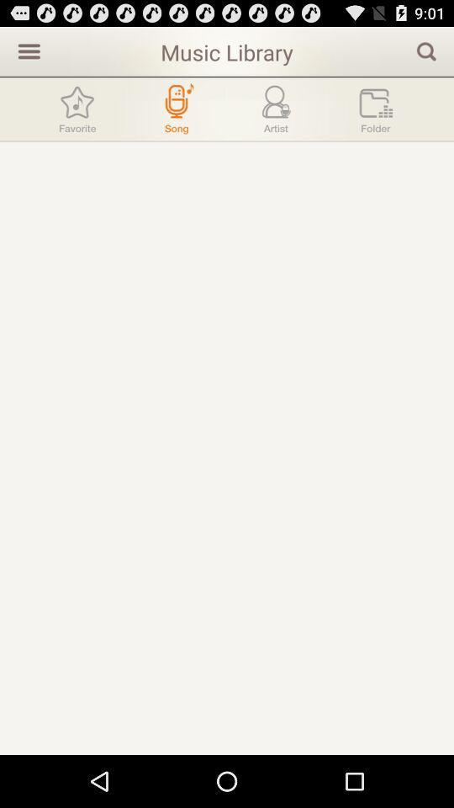  What do you see at coordinates (376, 108) in the screenshot?
I see `a folder` at bounding box center [376, 108].